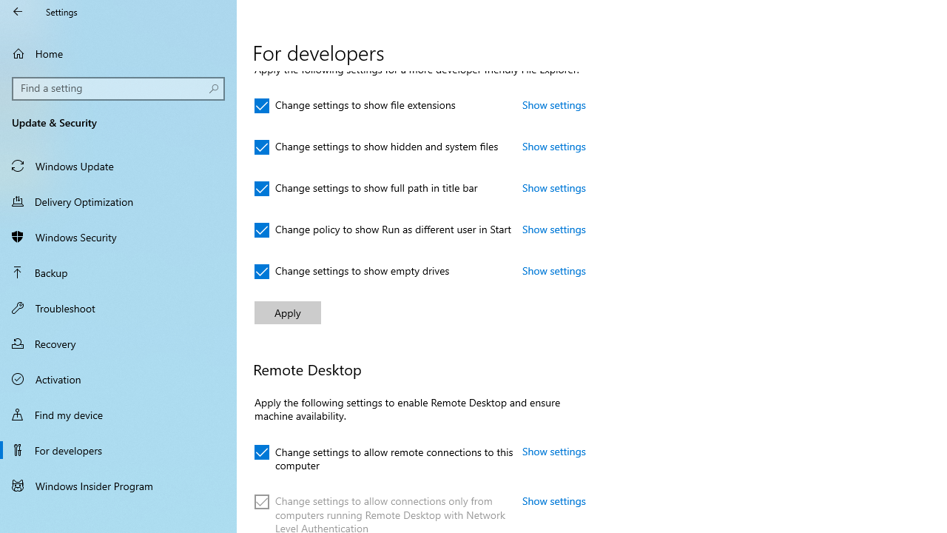 This screenshot has height=533, width=947. Describe the element at coordinates (118, 236) in the screenshot. I see `'Windows Security'` at that location.